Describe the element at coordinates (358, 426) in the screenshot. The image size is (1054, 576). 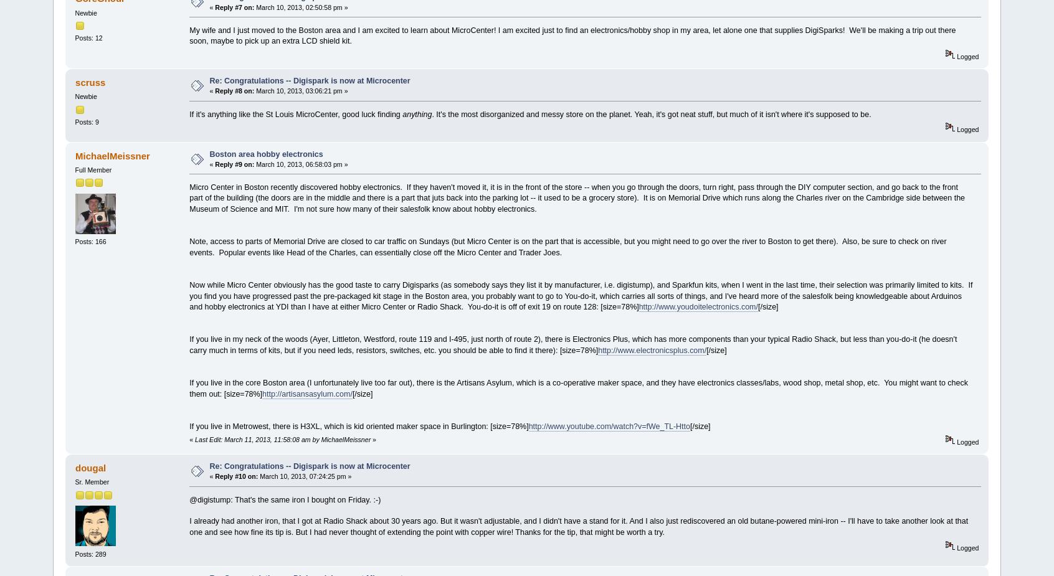
I see `'If you live in Metrowest, there is H3XL, which is kid oriented maker space in Burlington: [size=78%]'` at that location.